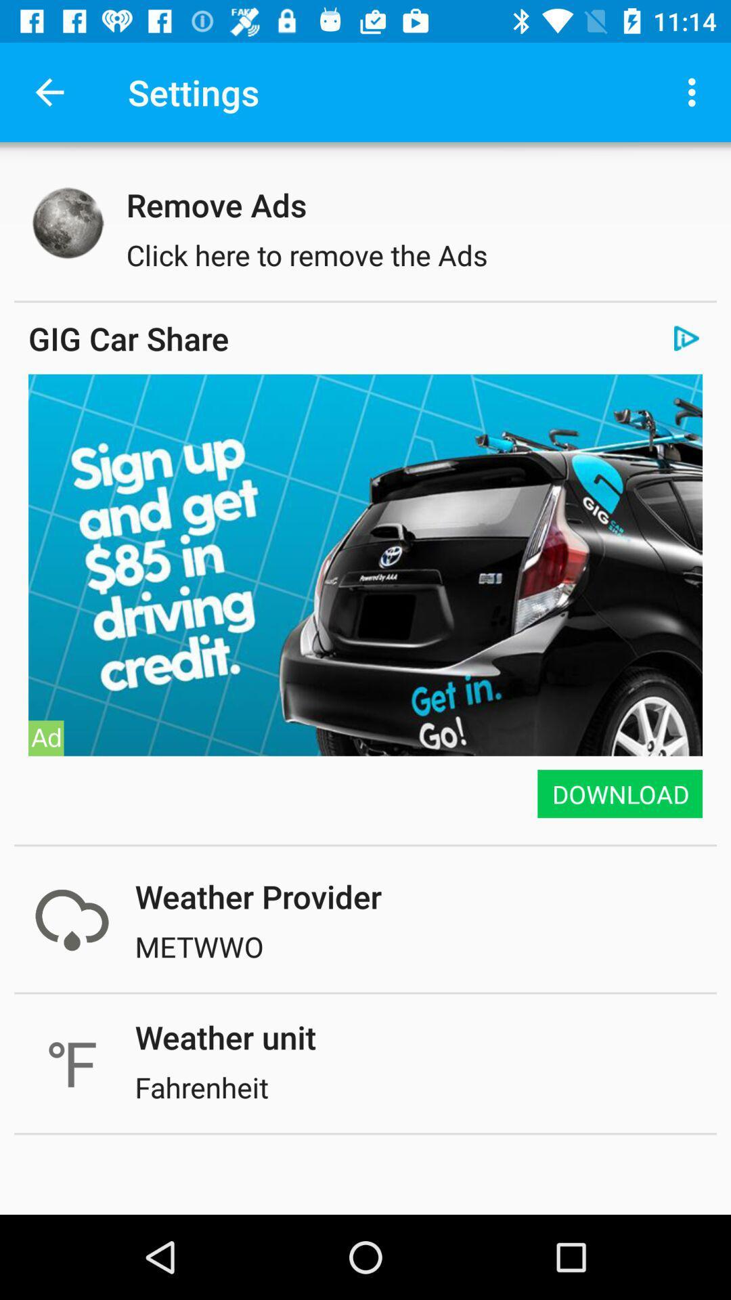 This screenshot has height=1300, width=731. Describe the element at coordinates (695, 91) in the screenshot. I see `icon above remove ads item` at that location.